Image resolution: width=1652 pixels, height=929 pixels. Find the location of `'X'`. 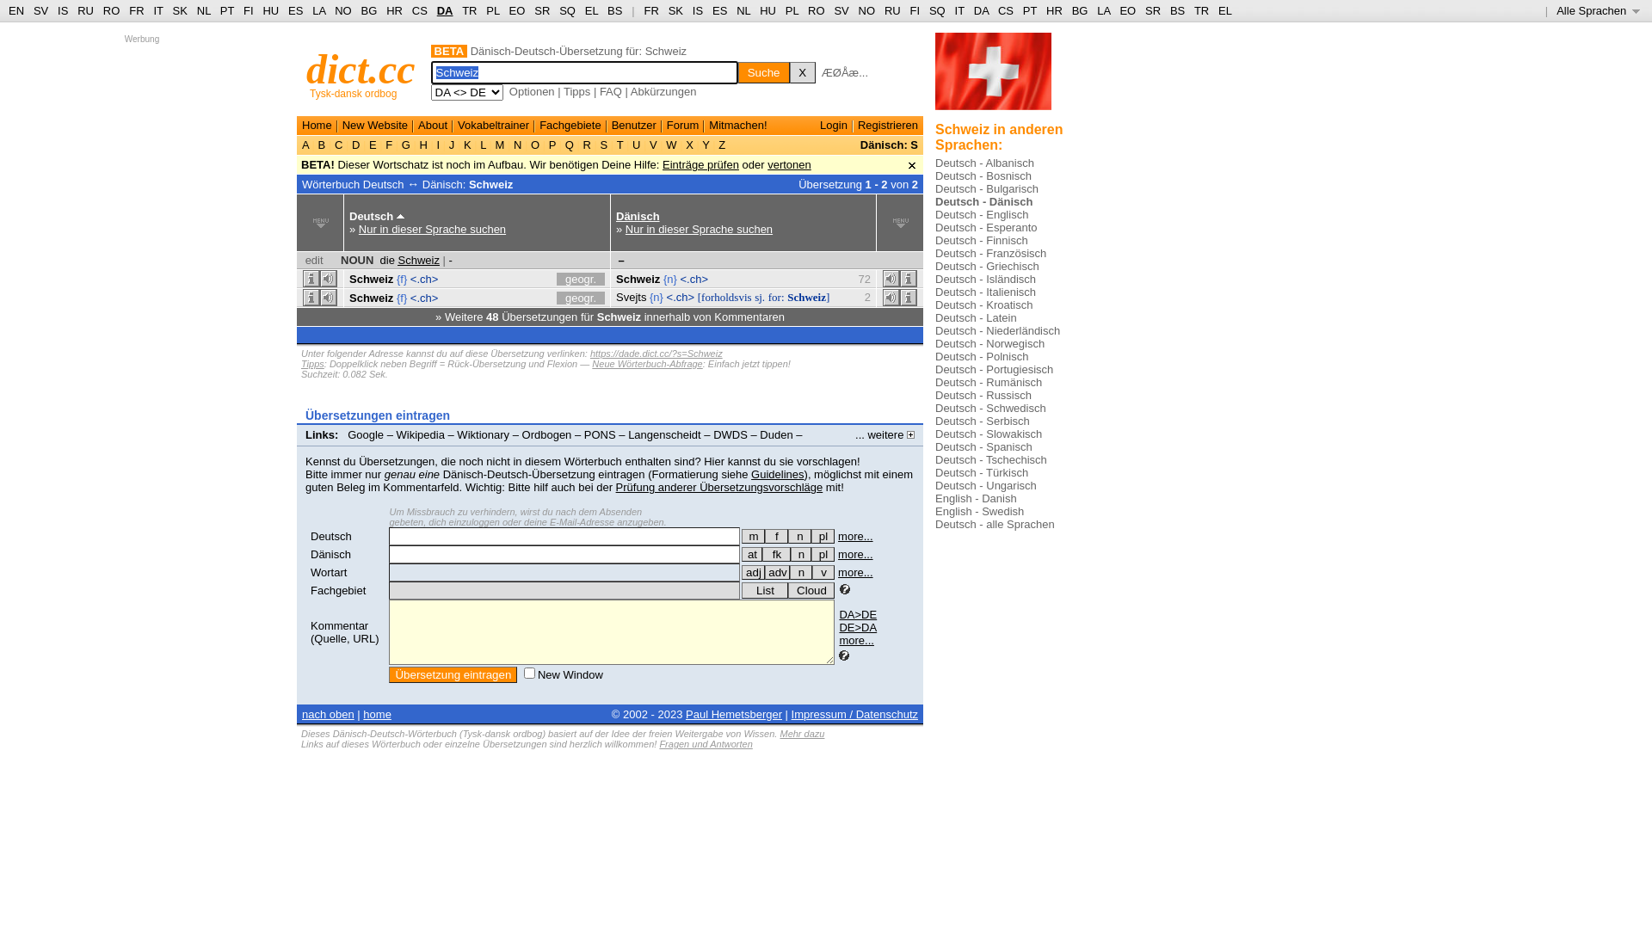

'X' is located at coordinates (801, 71).